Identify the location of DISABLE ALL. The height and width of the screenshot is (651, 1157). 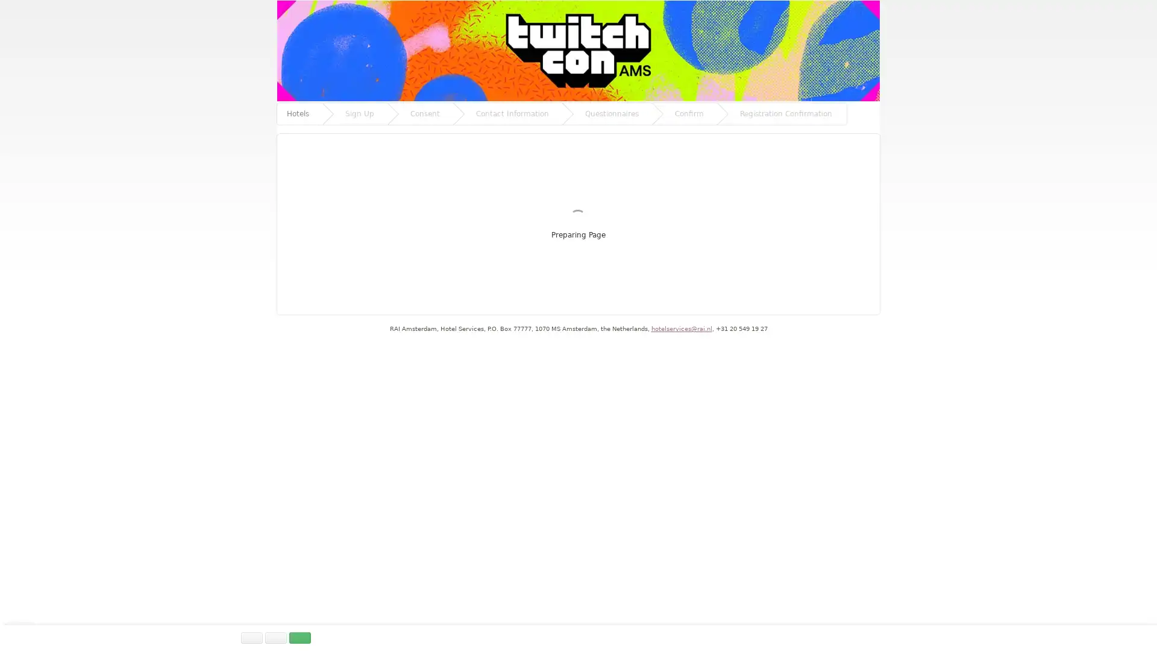
(846, 634).